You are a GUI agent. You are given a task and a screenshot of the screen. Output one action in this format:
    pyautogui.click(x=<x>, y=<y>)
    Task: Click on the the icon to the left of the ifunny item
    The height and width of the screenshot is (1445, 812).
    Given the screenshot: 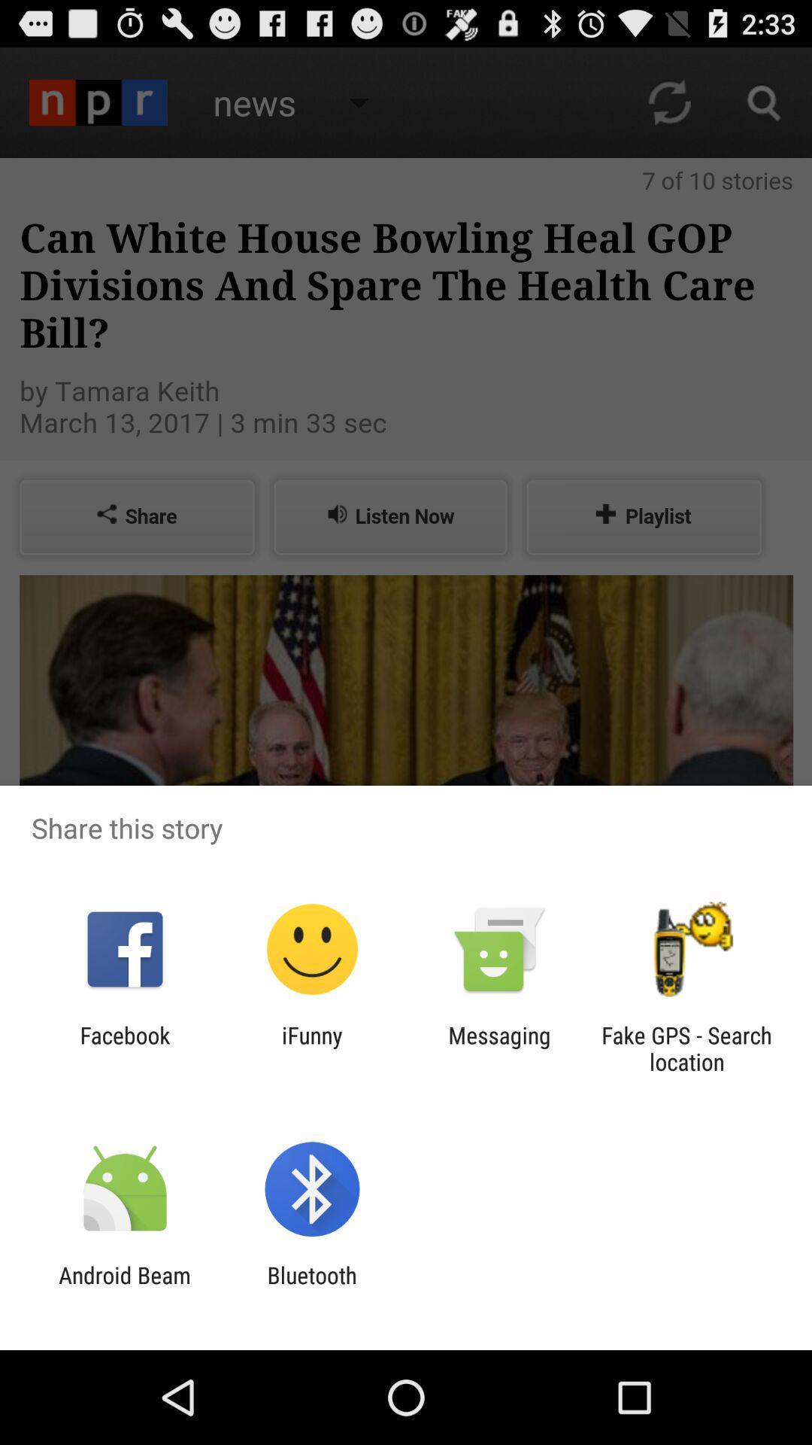 What is the action you would take?
    pyautogui.click(x=124, y=1048)
    